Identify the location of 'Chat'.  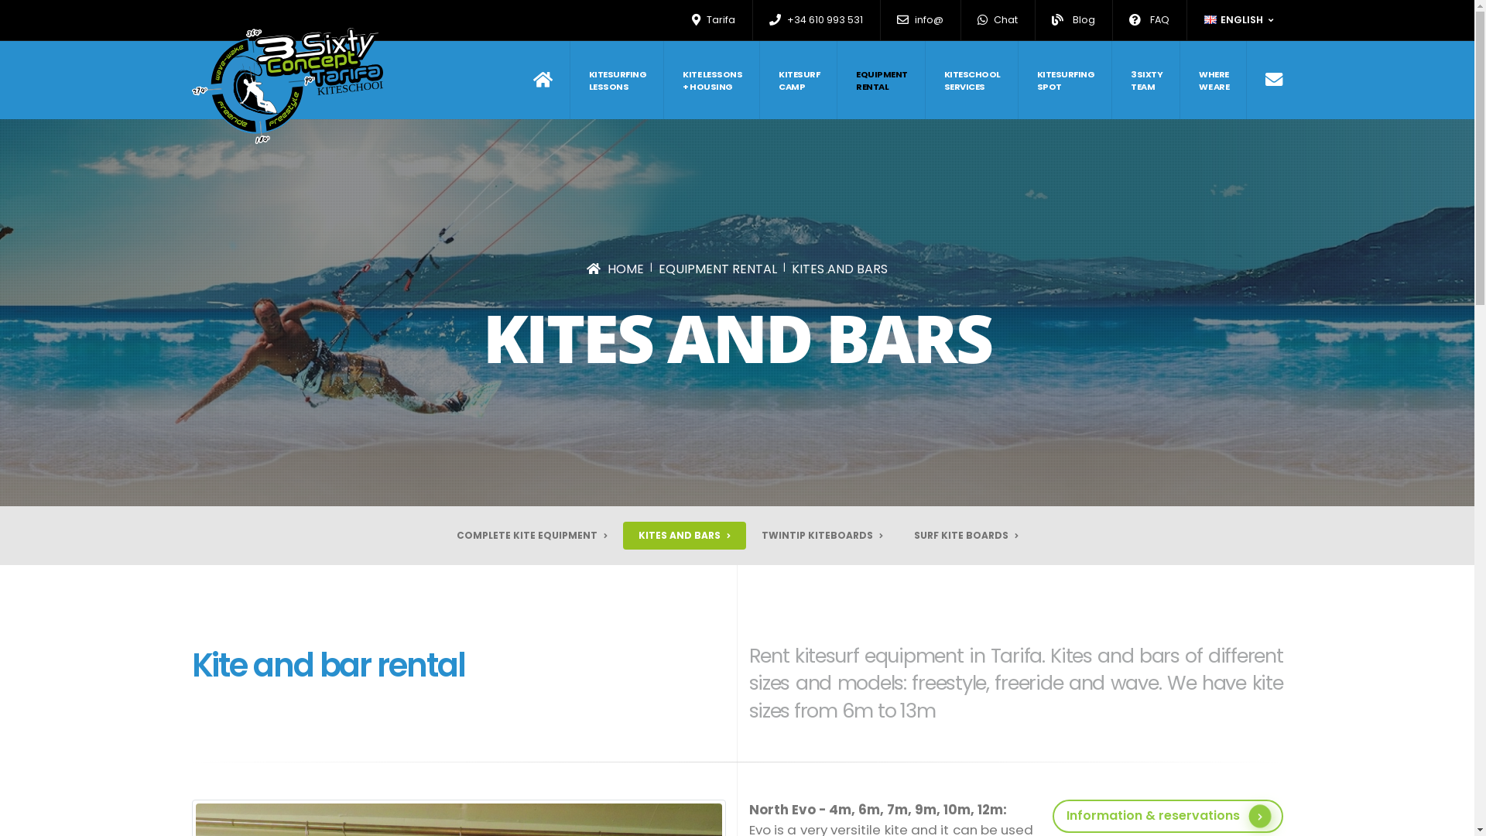
(998, 20).